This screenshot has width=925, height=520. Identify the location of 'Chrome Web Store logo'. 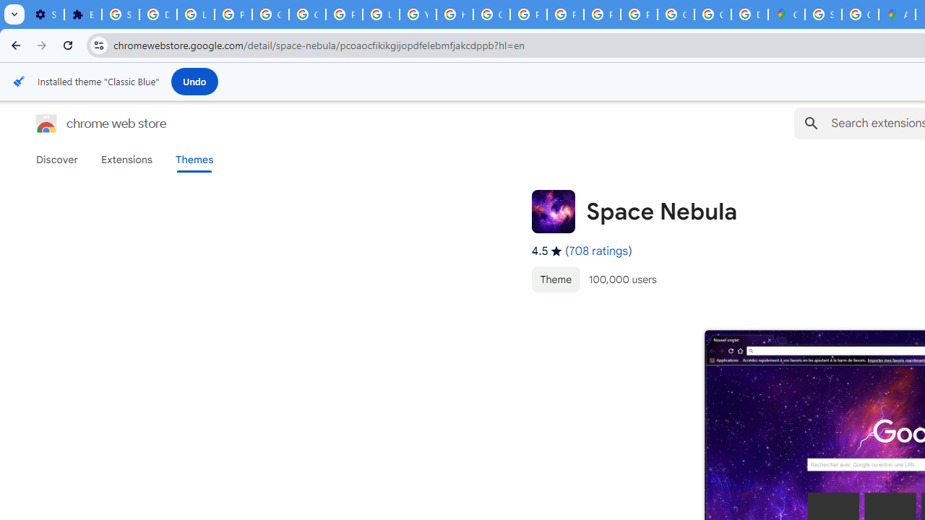
(46, 123).